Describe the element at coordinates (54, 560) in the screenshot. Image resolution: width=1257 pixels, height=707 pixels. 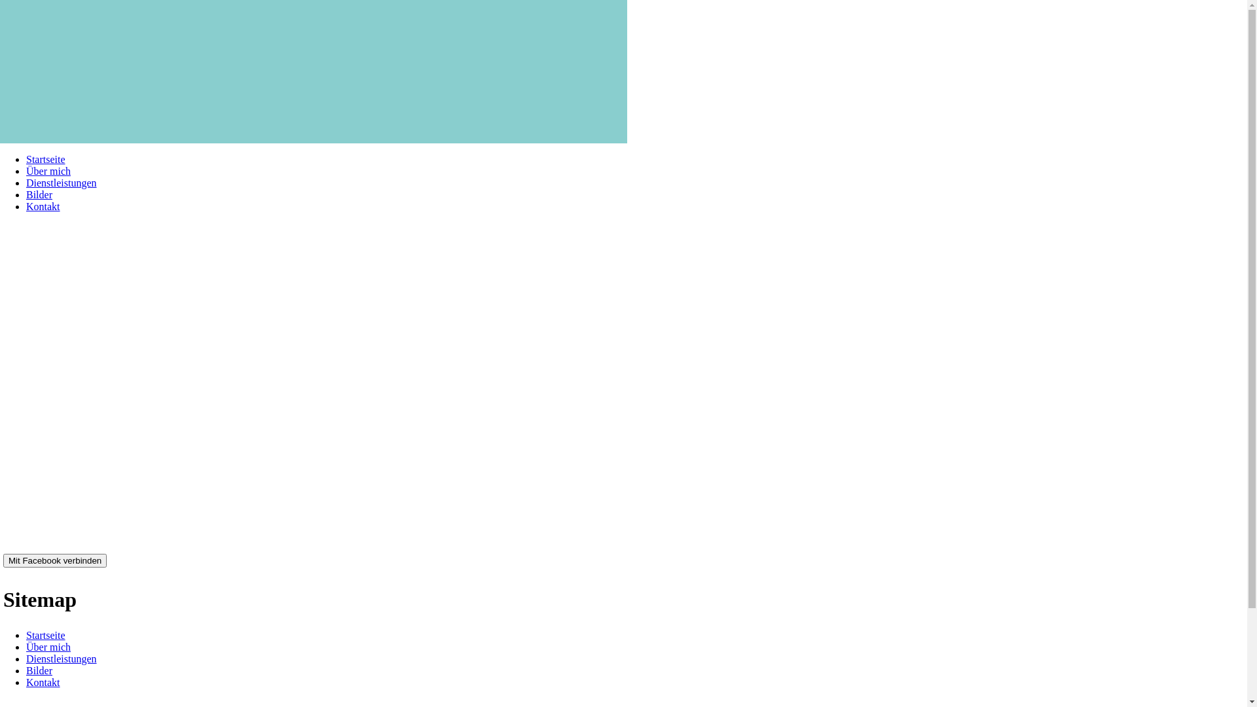
I see `'Mit Facebook verbinden'` at that location.